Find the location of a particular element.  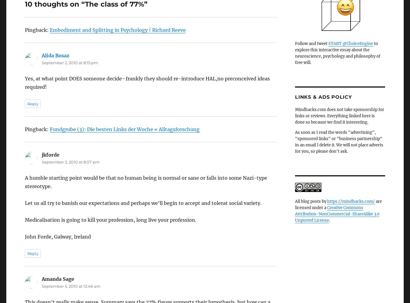

'Alida Bosaz' is located at coordinates (55, 38).